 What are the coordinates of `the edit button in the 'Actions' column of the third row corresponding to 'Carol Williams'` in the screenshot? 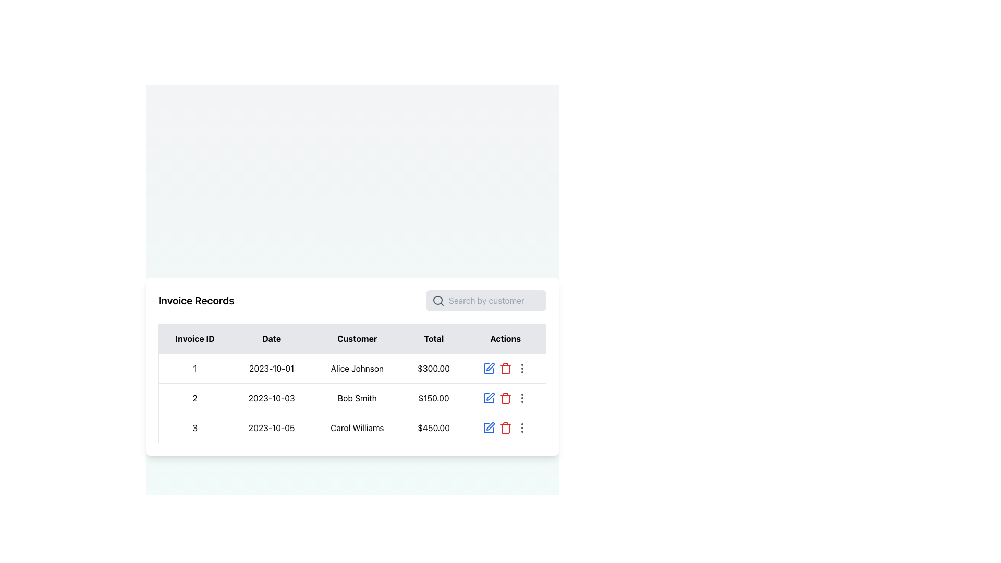 It's located at (488, 427).